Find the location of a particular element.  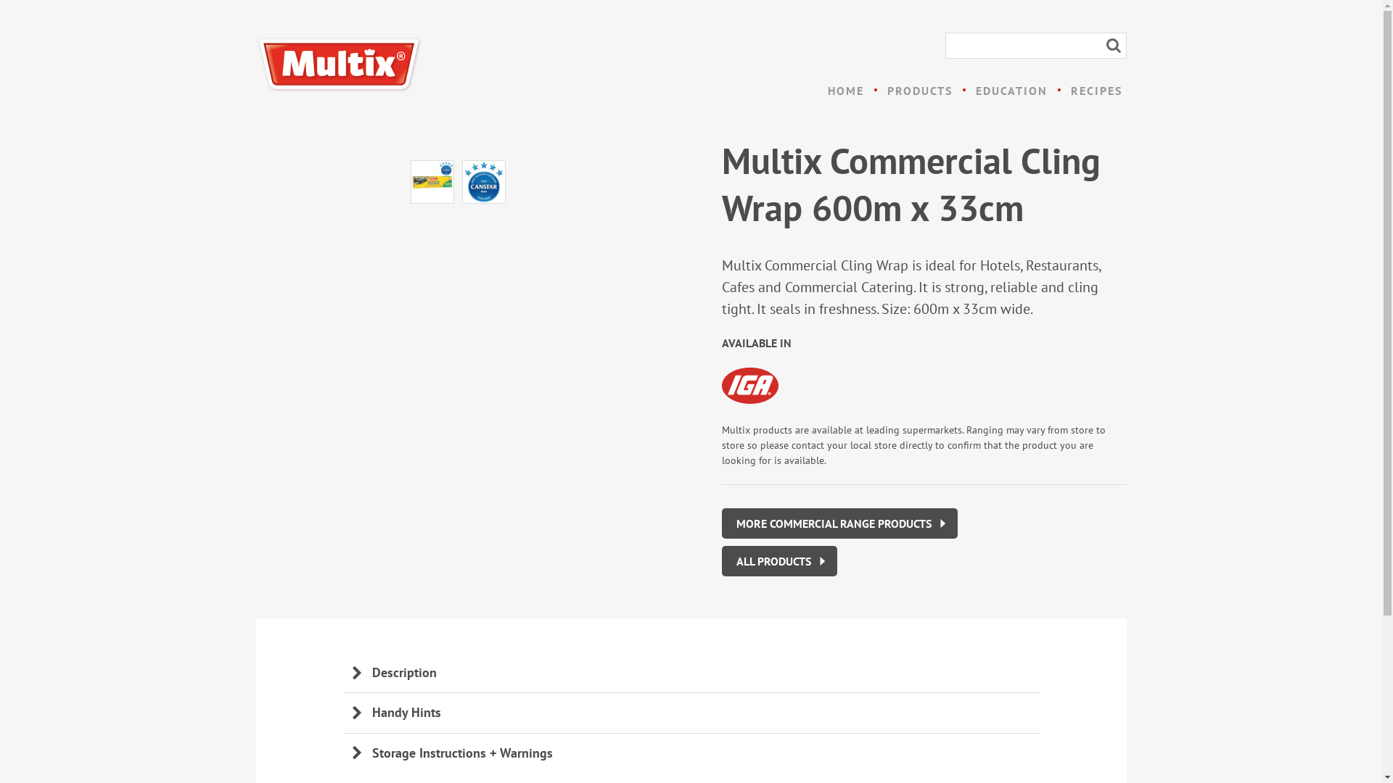

'MORE COMMERCIAL RANGE PRODUCTS' is located at coordinates (839, 523).